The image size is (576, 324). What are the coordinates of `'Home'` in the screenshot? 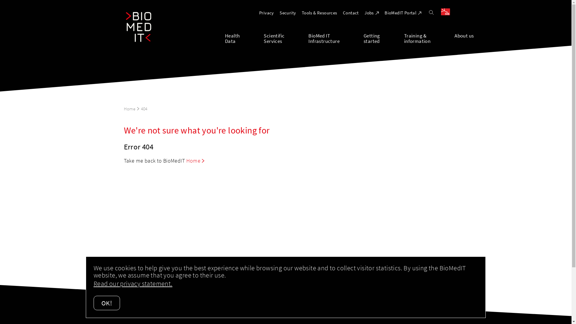 It's located at (195, 160).